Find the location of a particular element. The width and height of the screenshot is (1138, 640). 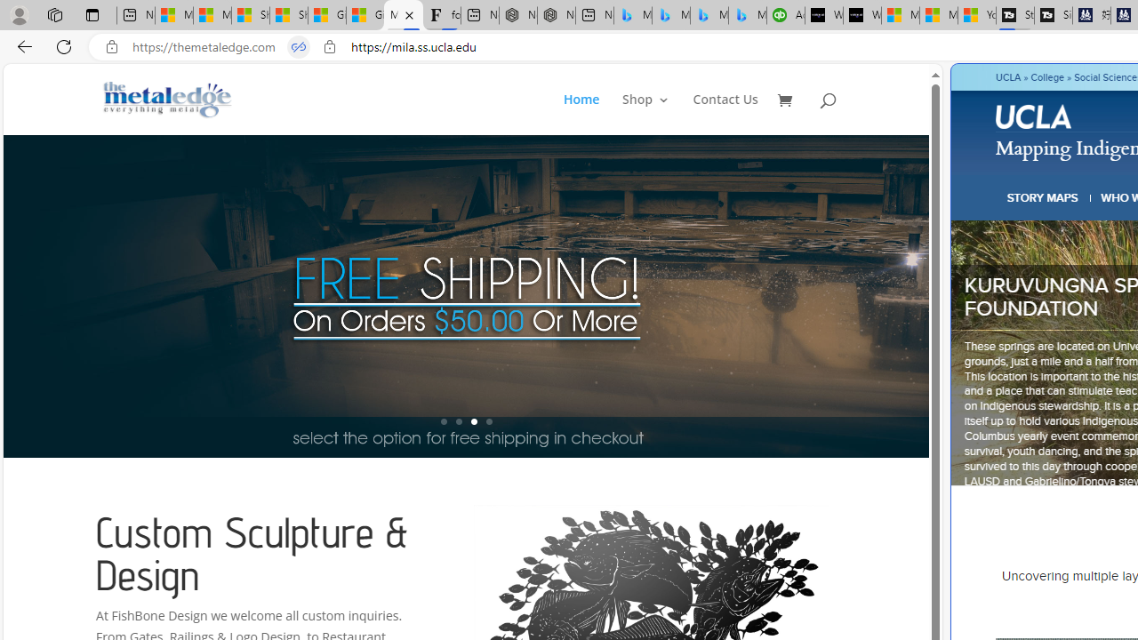

'Contact Us' is located at coordinates (725, 114).